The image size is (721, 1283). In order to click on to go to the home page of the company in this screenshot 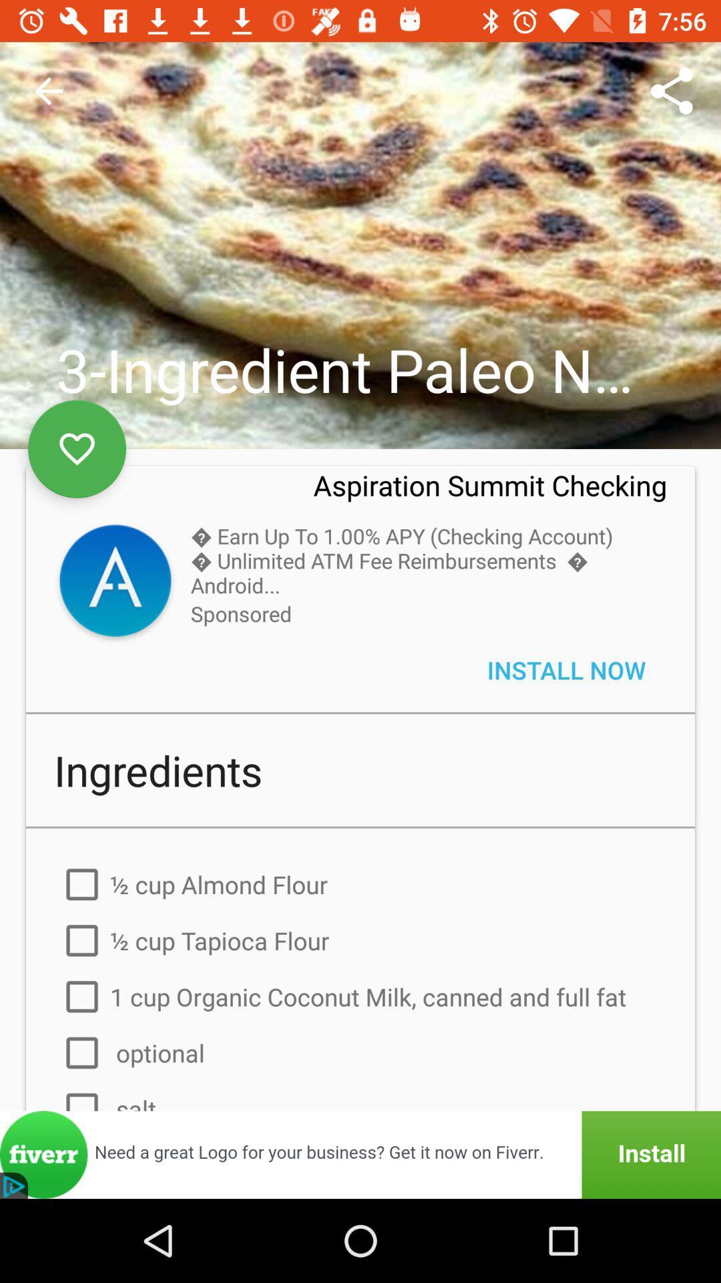, I will do `click(114, 583)`.